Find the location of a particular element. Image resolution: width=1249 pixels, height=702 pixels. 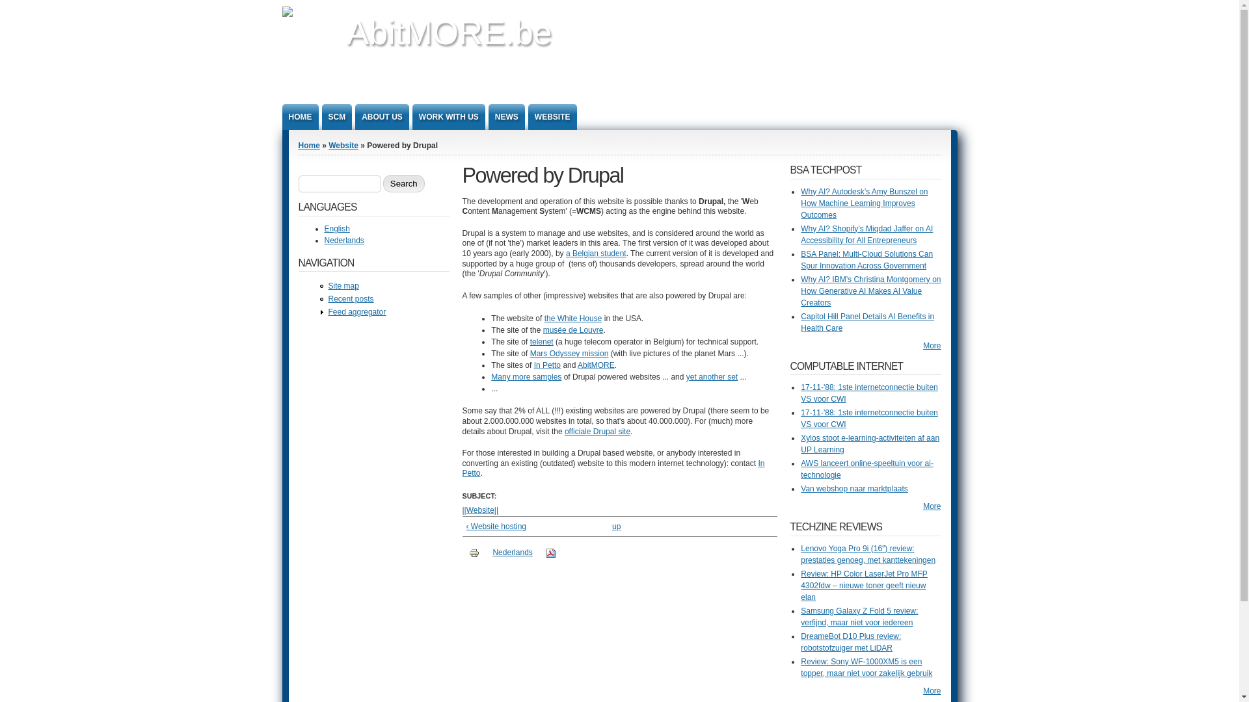

'a Belgian student' is located at coordinates (595, 253).